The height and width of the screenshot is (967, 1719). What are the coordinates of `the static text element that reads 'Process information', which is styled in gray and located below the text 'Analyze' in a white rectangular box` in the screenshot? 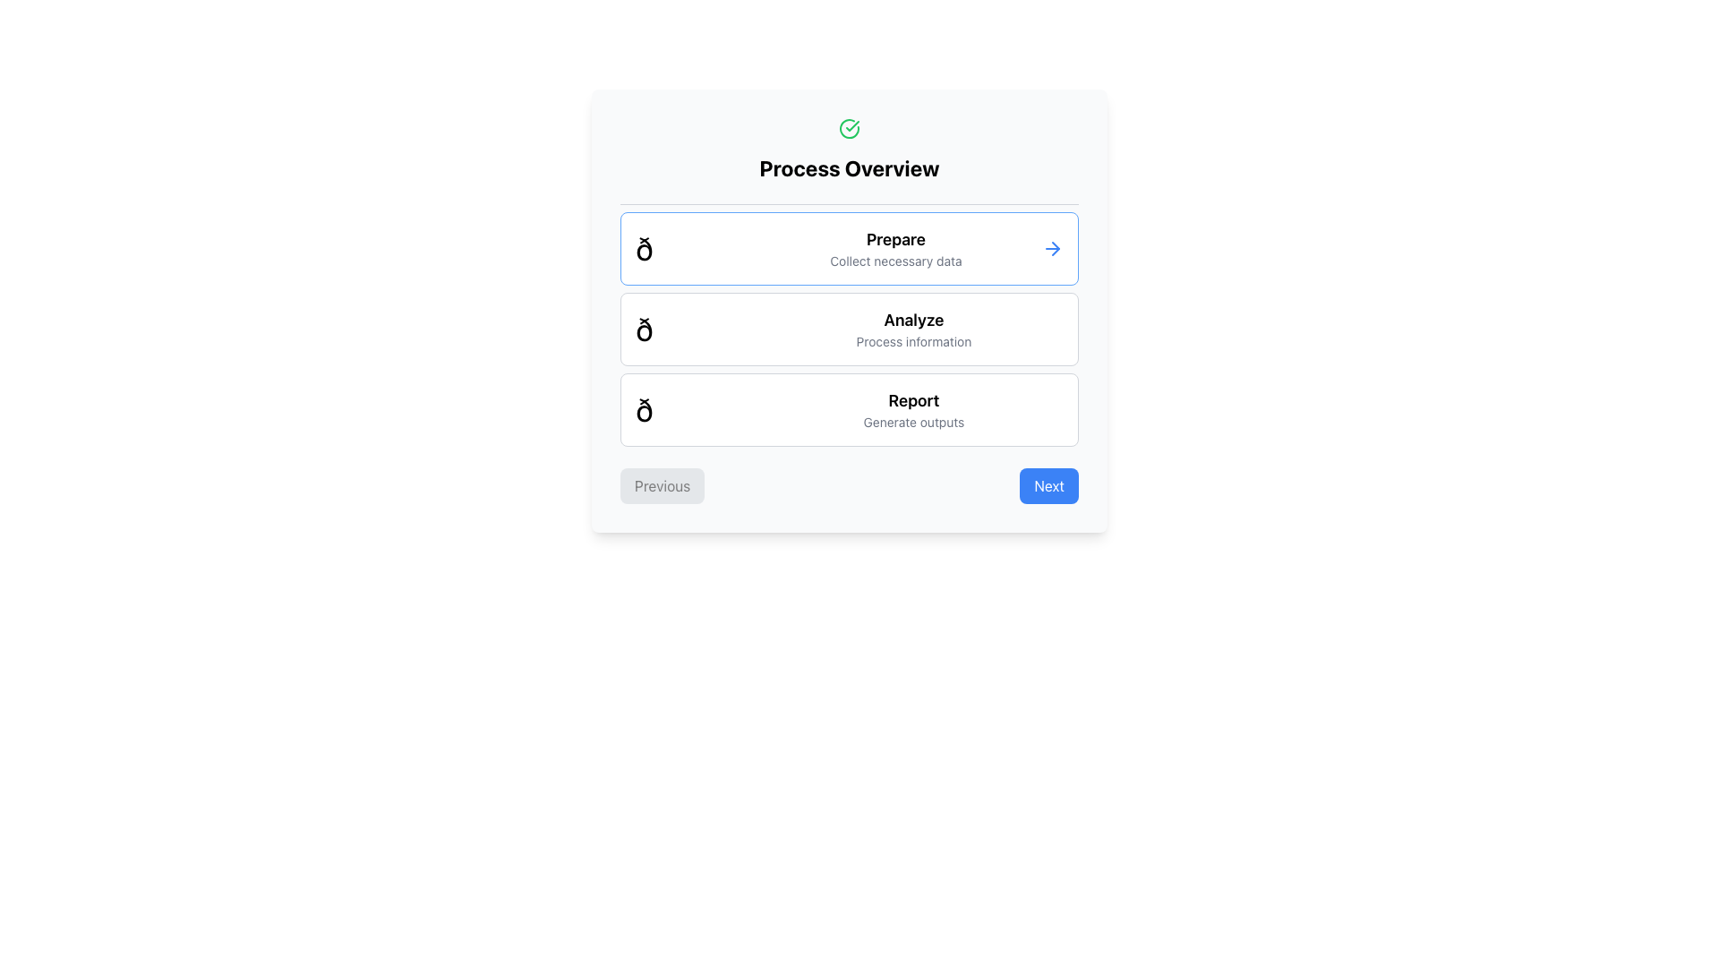 It's located at (913, 341).